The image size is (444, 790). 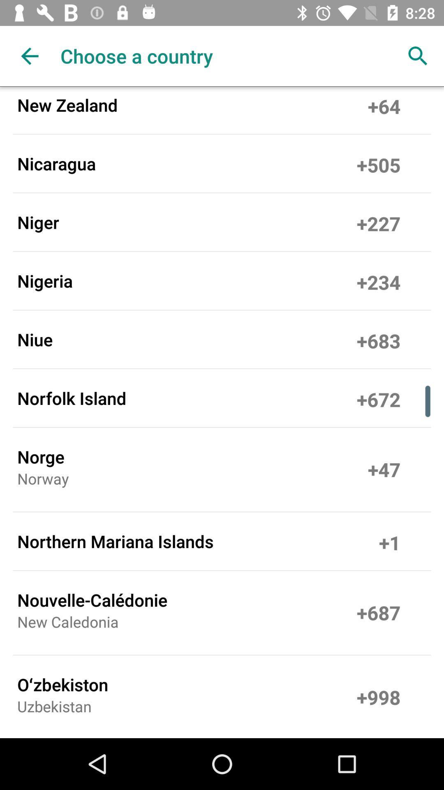 What do you see at coordinates (379, 281) in the screenshot?
I see `item above the +683` at bounding box center [379, 281].